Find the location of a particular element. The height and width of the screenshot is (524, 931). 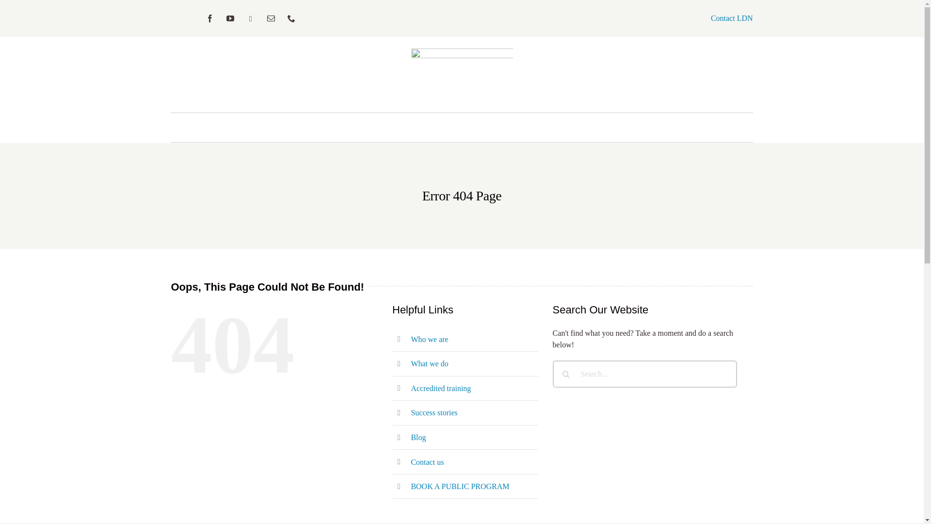

'Phone' is located at coordinates (283, 18).